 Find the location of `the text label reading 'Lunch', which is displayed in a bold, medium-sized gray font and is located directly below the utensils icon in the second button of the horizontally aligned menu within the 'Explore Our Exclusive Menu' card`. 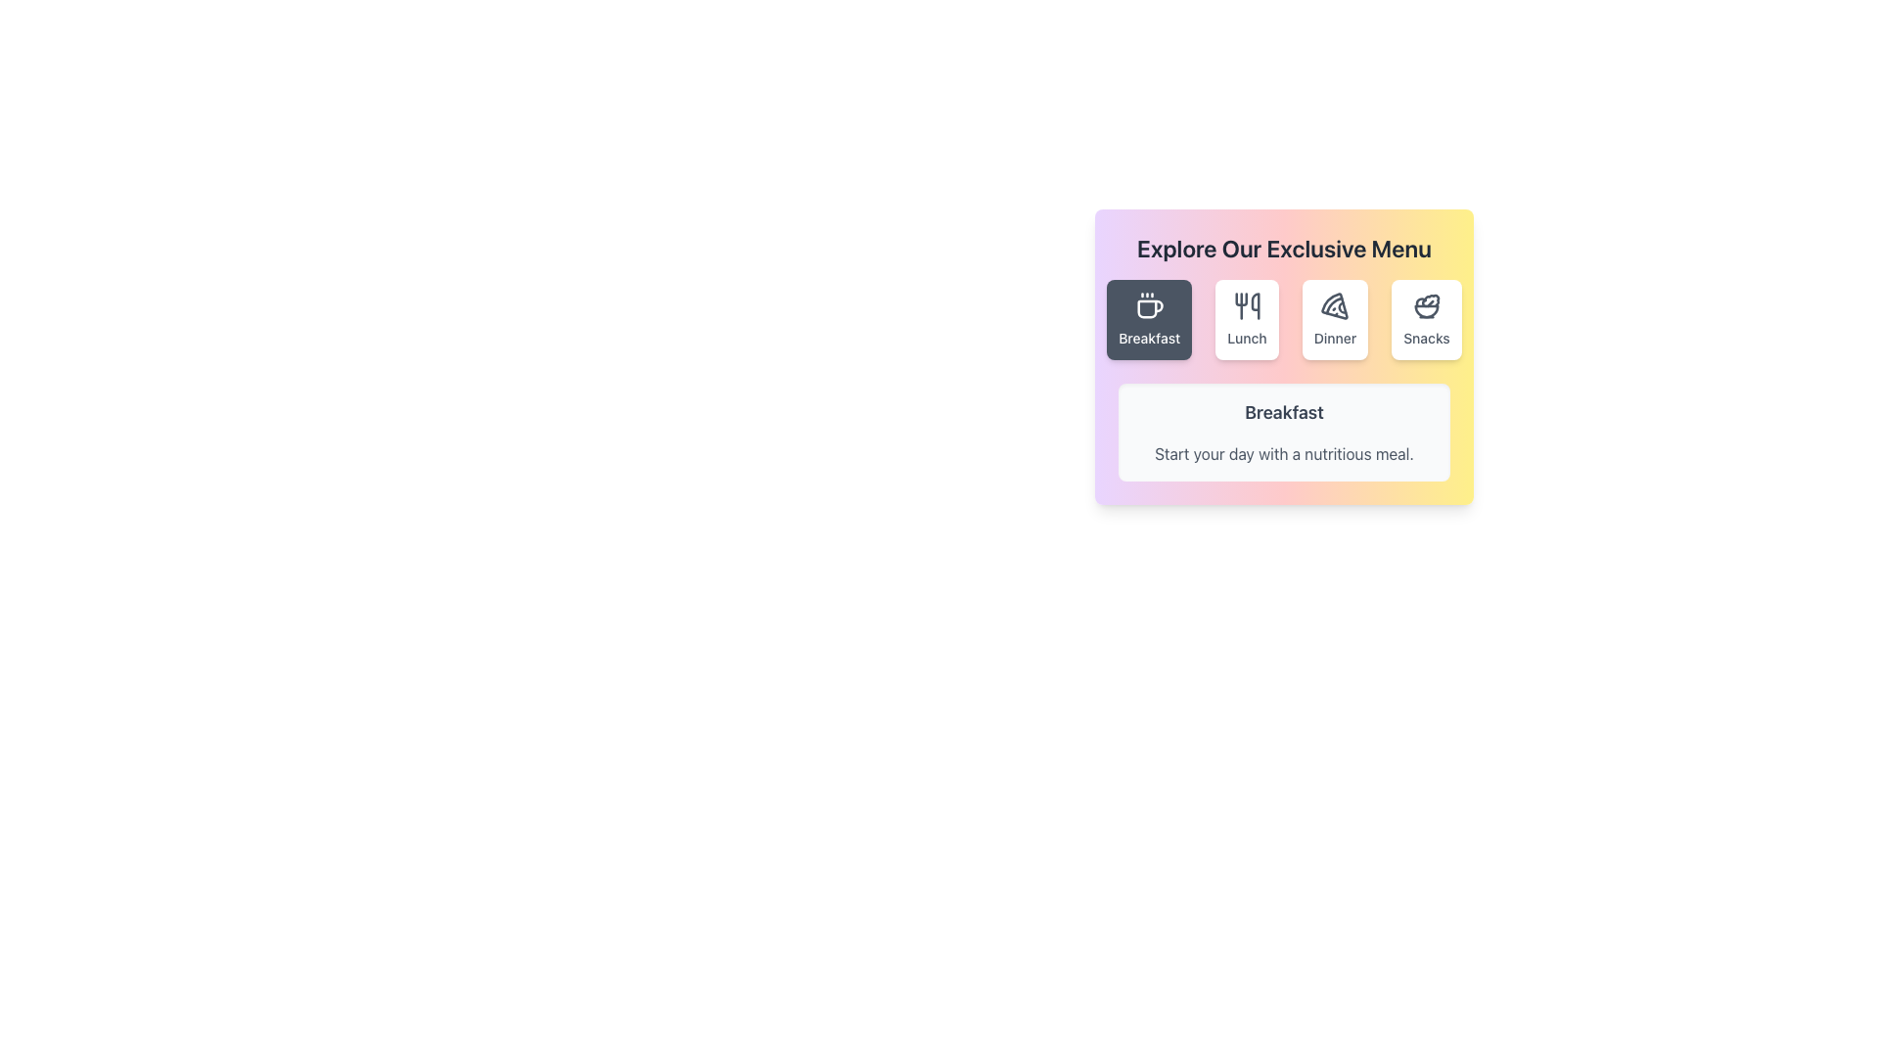

the text label reading 'Lunch', which is displayed in a bold, medium-sized gray font and is located directly below the utensils icon in the second button of the horizontally aligned menu within the 'Explore Our Exclusive Menu' card is located at coordinates (1246, 338).